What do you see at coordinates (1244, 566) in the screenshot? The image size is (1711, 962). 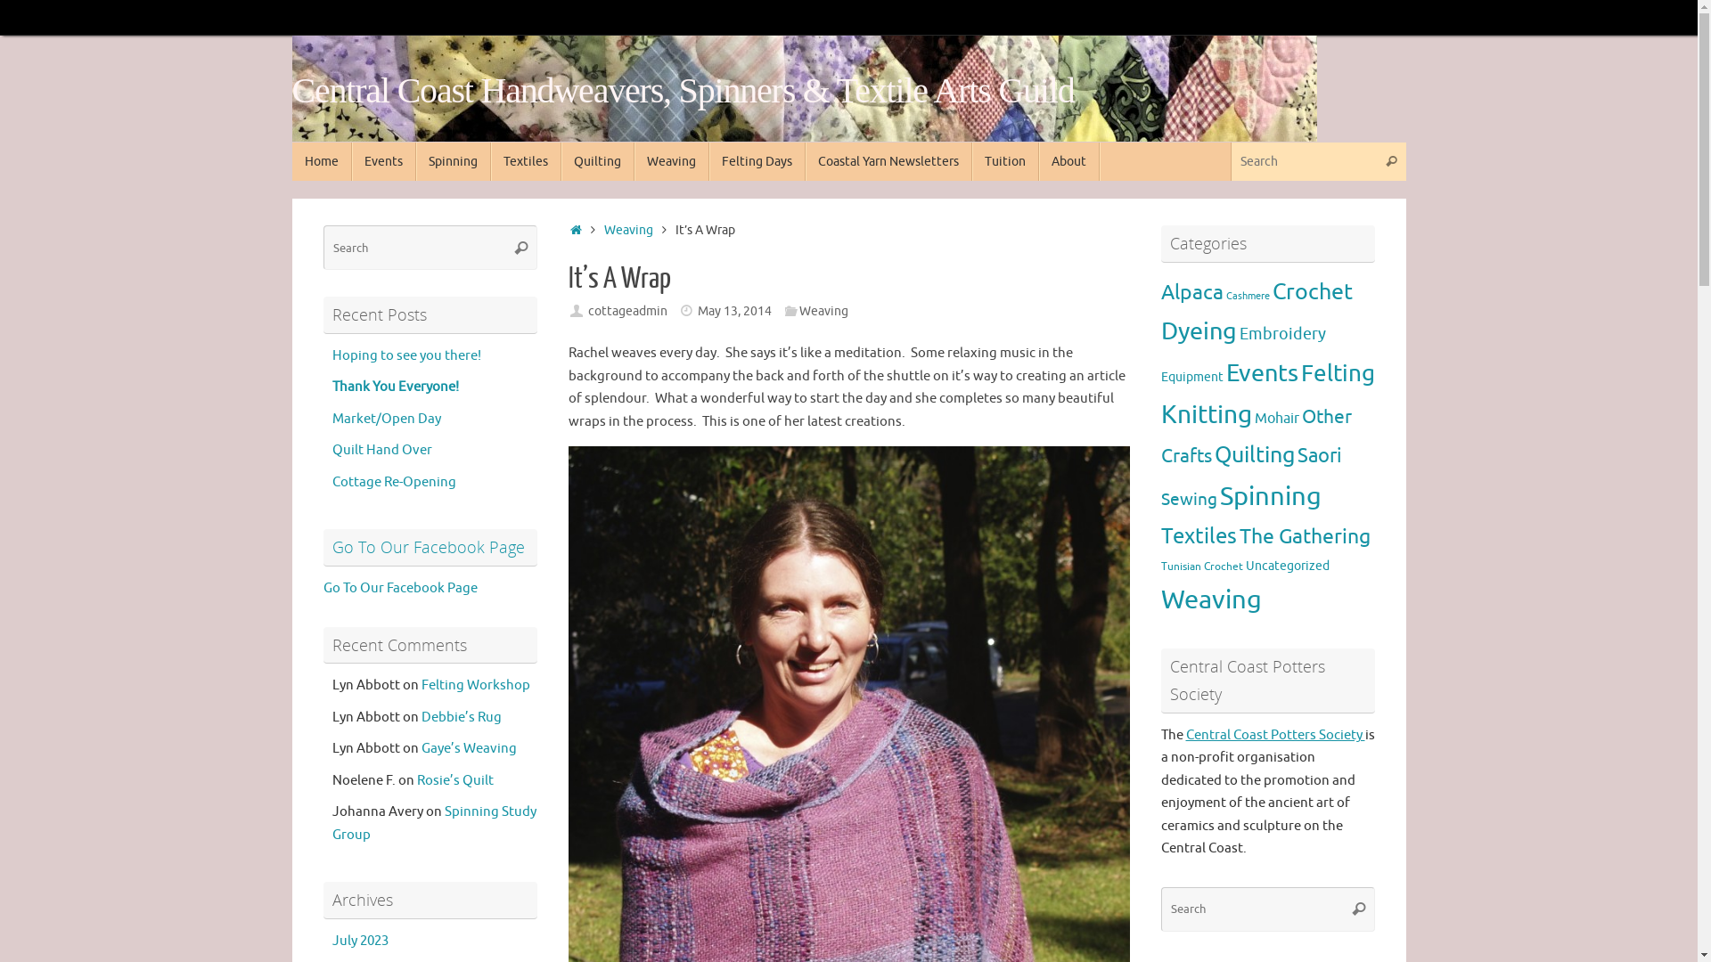 I see `'Uncategorized'` at bounding box center [1244, 566].